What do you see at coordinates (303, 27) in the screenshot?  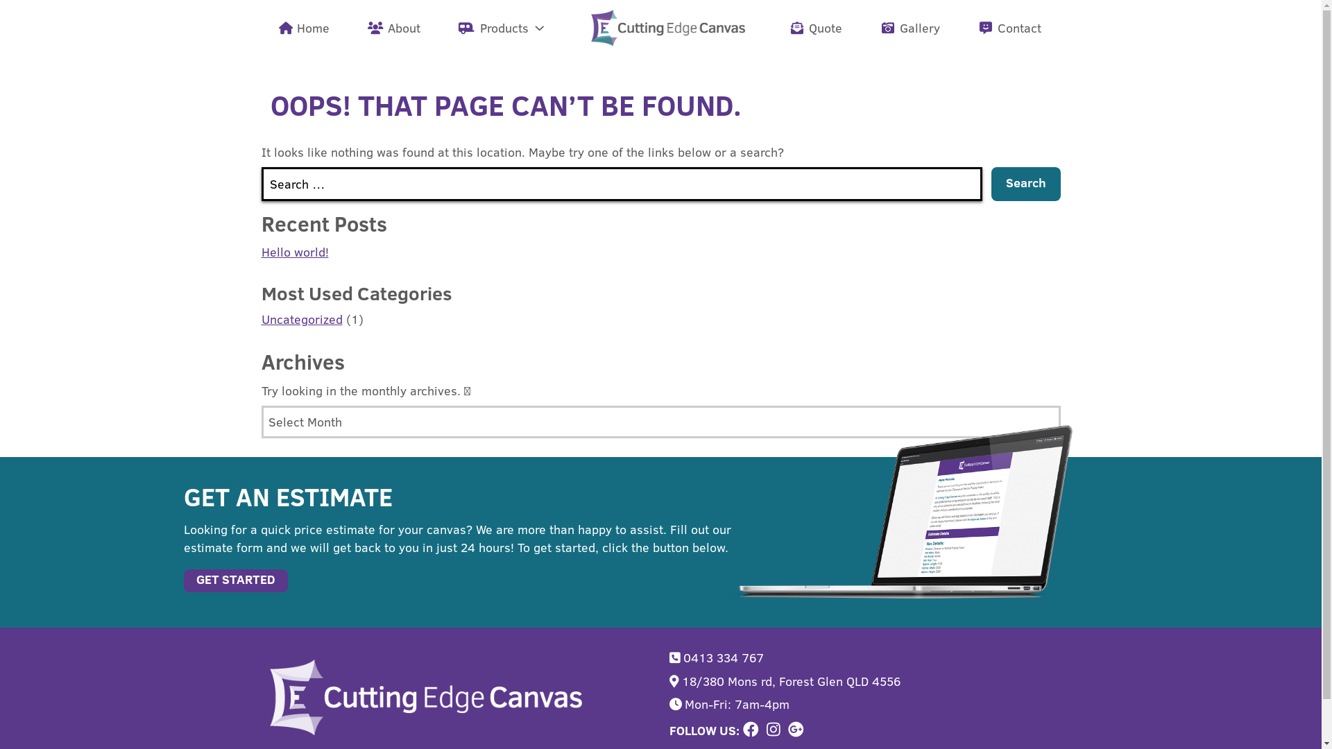 I see `'Home'` at bounding box center [303, 27].